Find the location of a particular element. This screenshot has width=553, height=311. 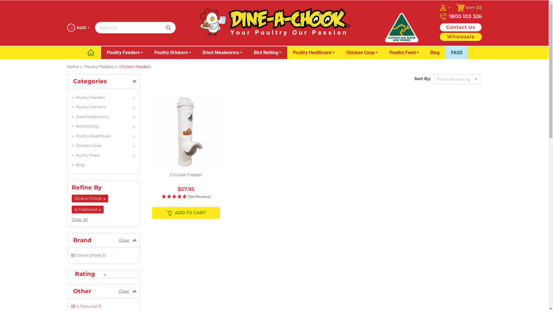

'1800 103 326' is located at coordinates (460, 16).